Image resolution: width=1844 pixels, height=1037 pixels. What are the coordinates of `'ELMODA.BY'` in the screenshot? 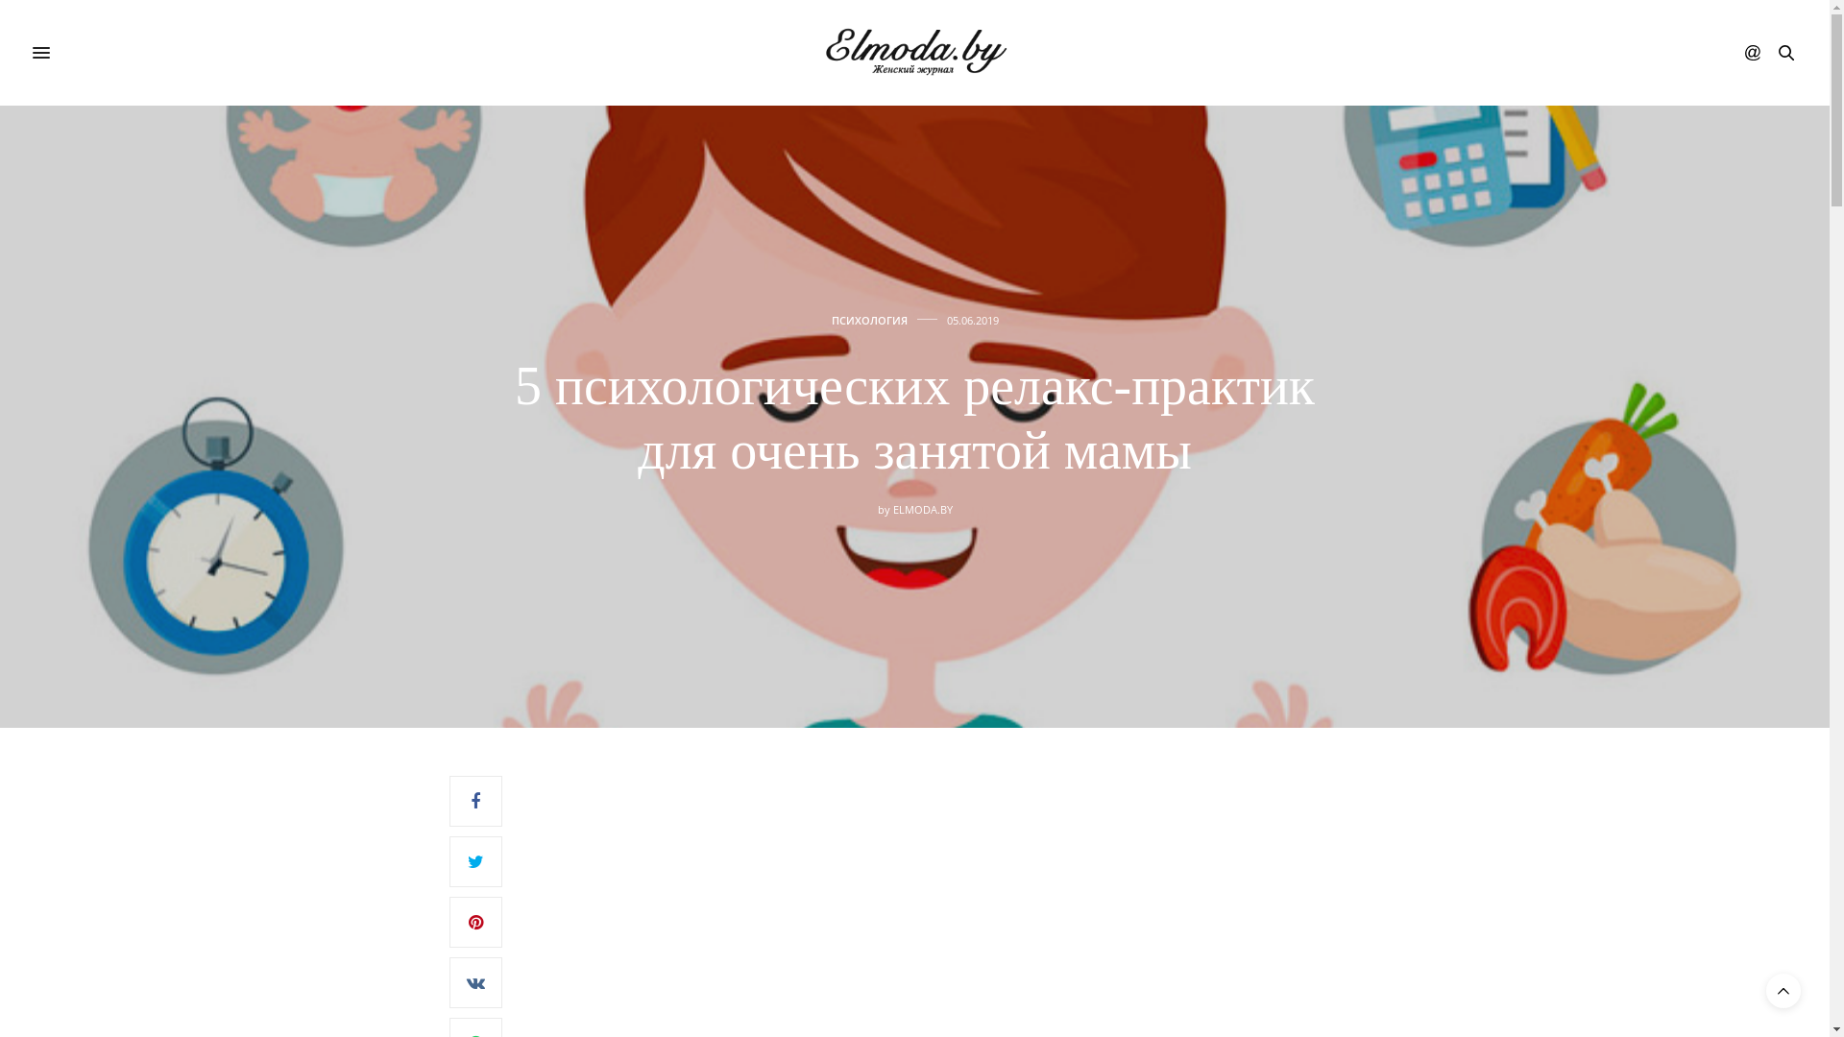 It's located at (922, 508).